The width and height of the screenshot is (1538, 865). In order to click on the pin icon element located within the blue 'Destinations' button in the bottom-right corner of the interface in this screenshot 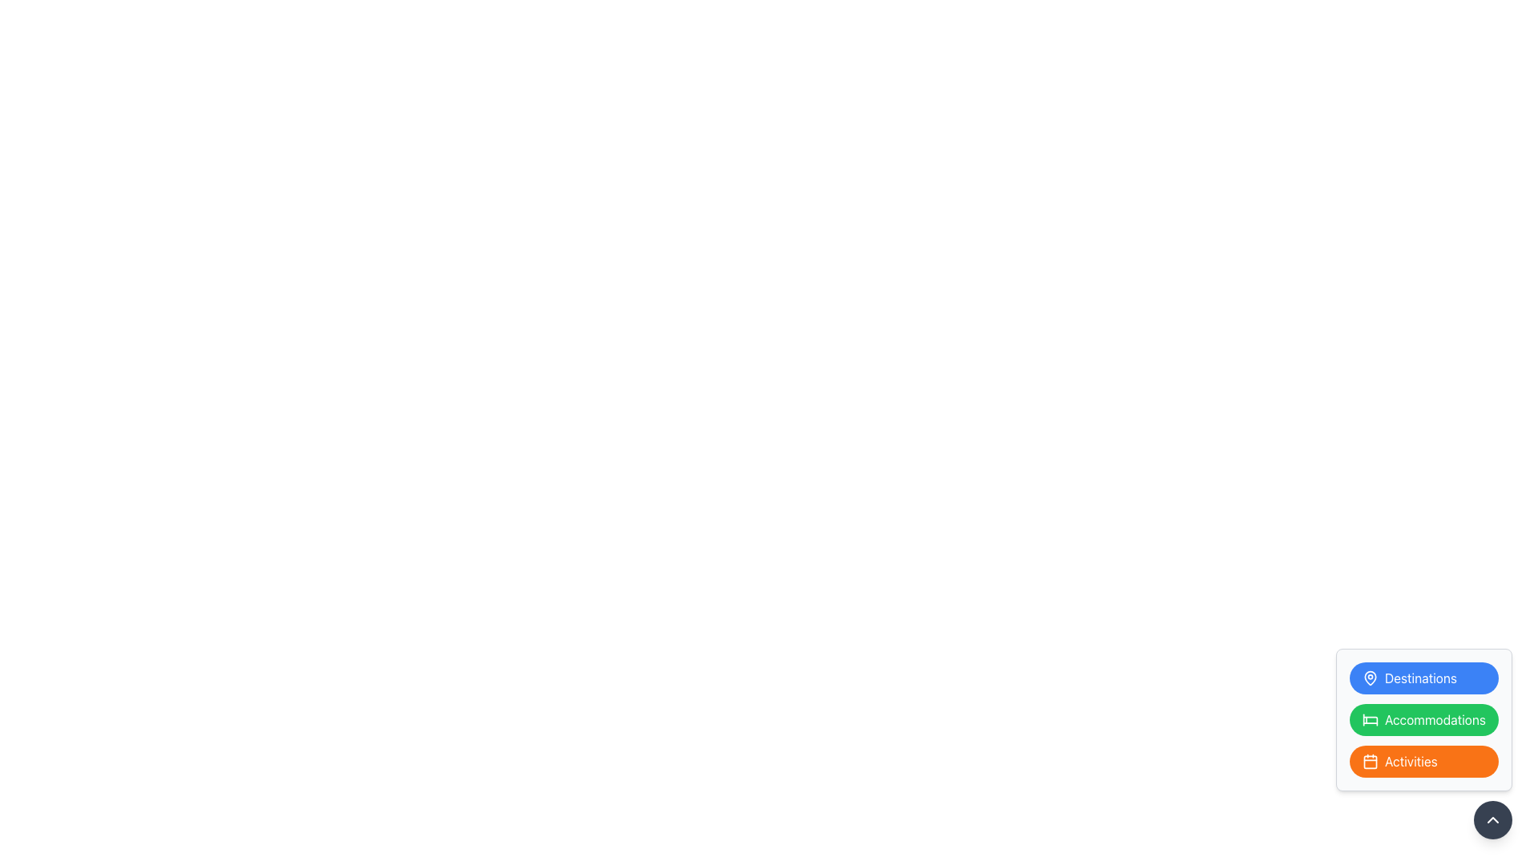, I will do `click(1369, 678)`.